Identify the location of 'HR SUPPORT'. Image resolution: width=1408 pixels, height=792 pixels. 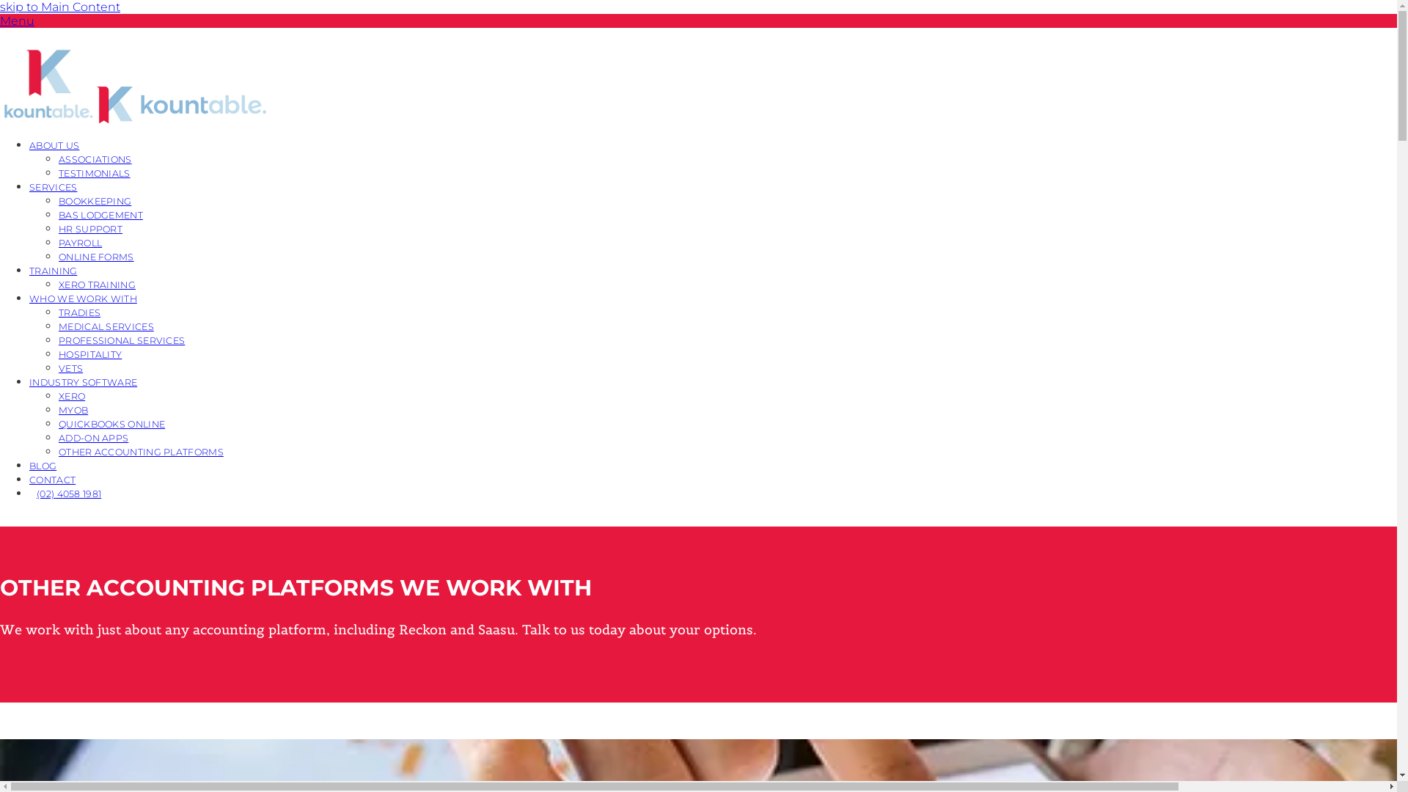
(89, 228).